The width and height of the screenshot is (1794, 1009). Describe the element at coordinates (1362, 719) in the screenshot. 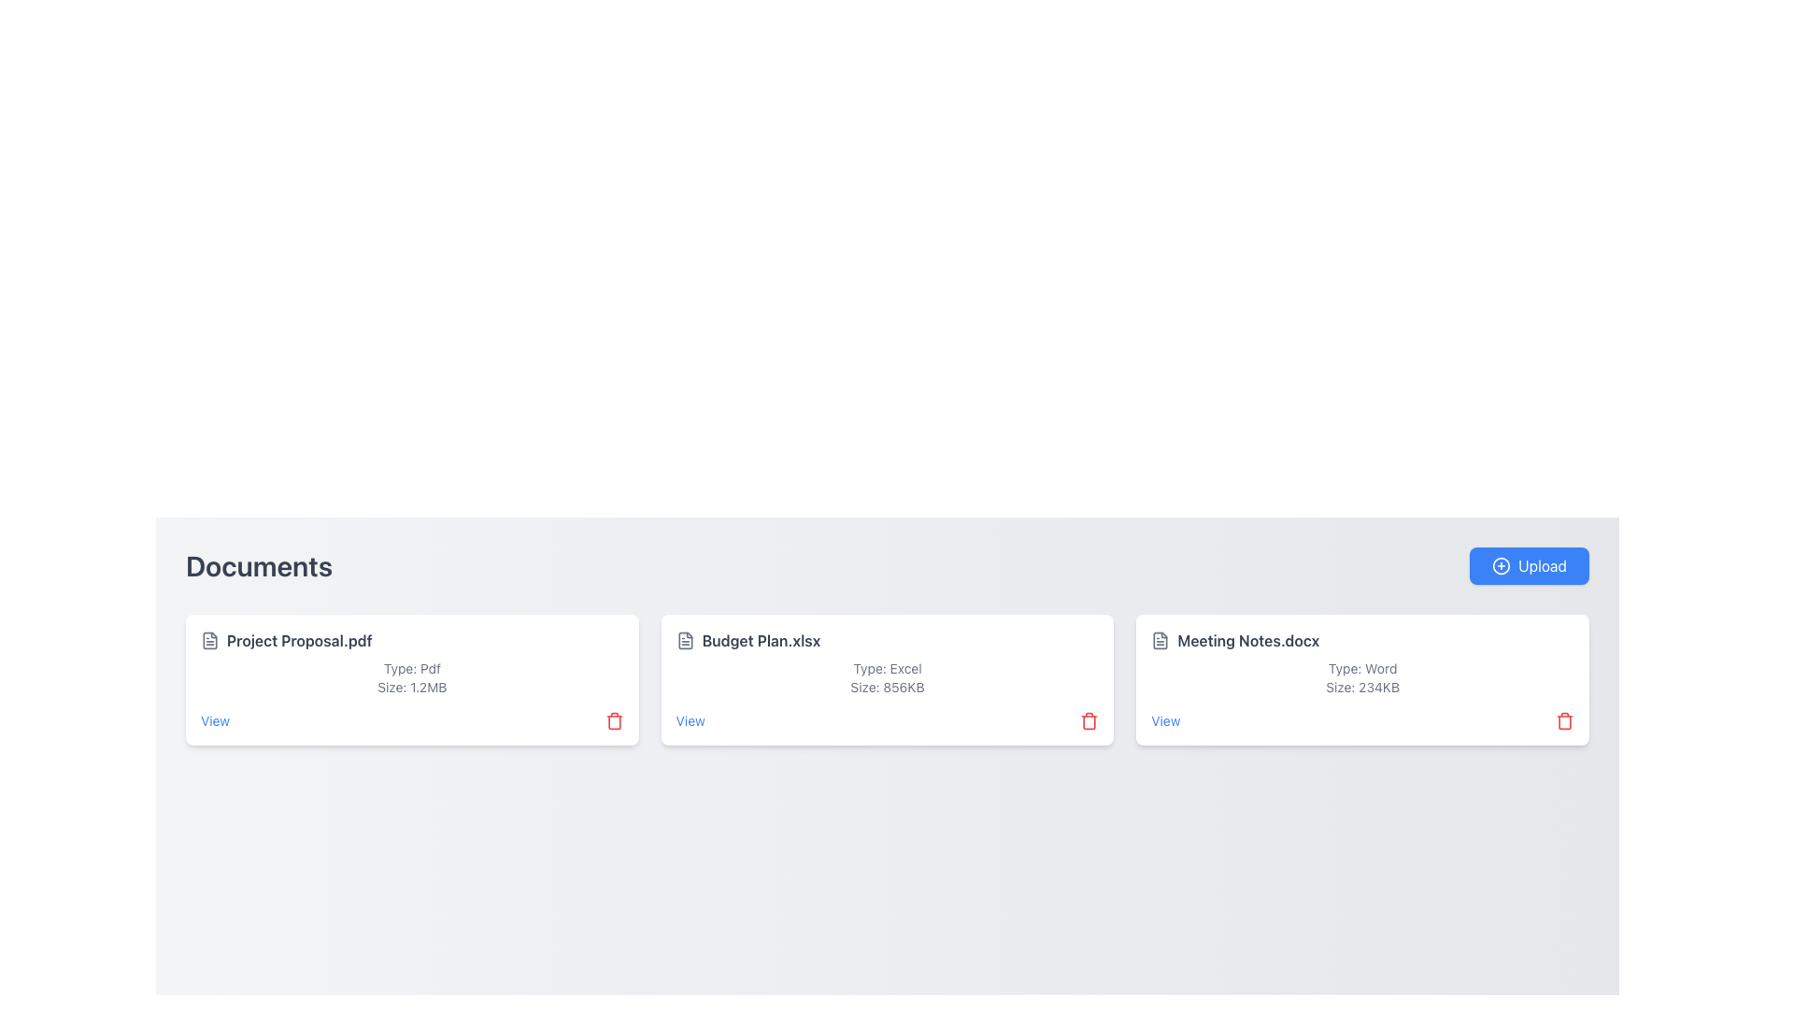

I see `the red trash icon located at the right side of the 'View' link within the 'Meeting Notes.docx' card` at that location.